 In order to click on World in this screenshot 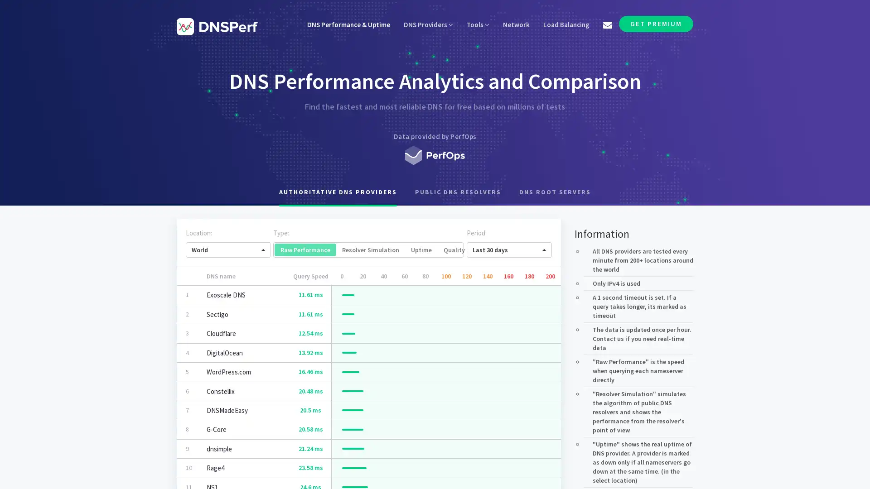, I will do `click(228, 249)`.